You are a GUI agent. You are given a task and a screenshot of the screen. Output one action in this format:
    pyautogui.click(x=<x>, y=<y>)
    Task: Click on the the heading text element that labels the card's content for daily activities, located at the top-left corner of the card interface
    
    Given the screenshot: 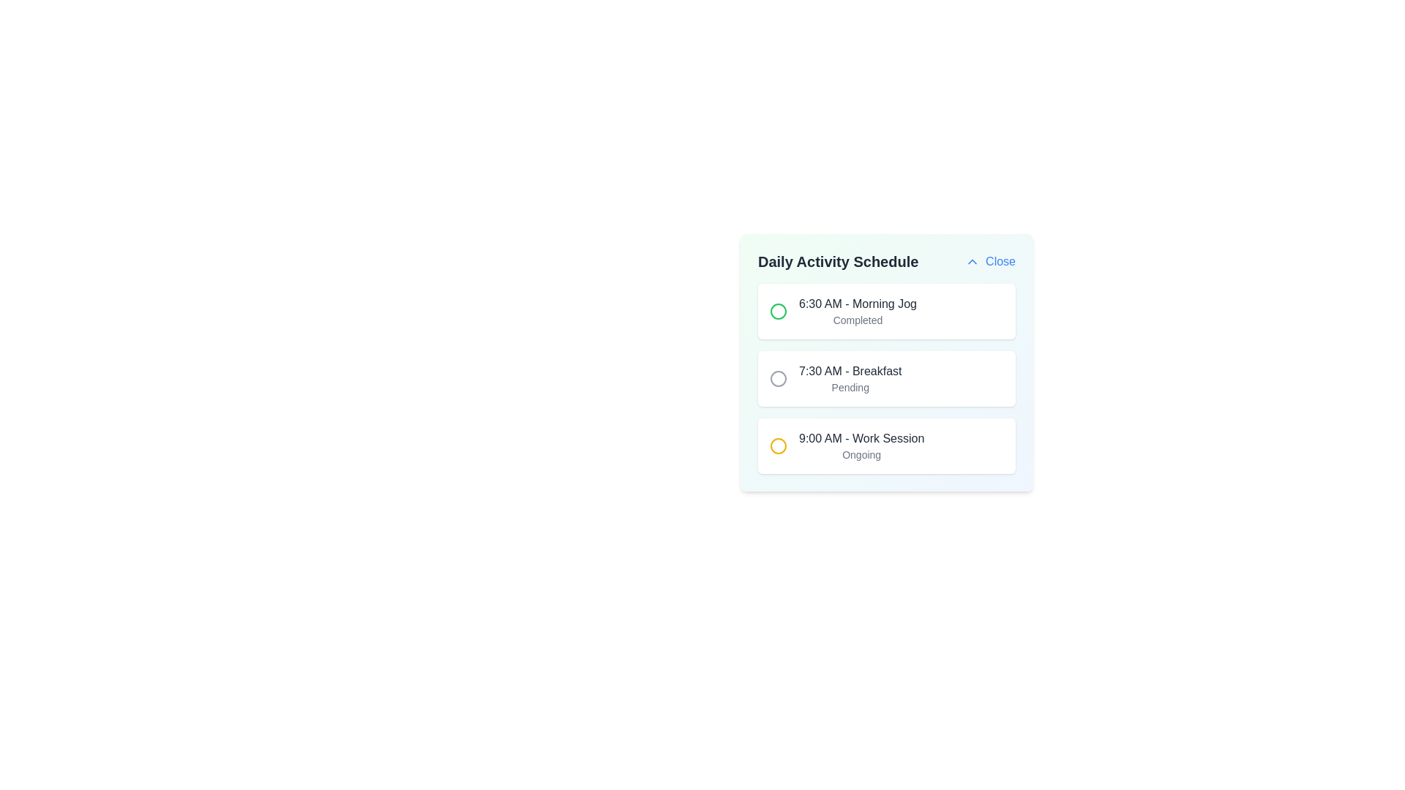 What is the action you would take?
    pyautogui.click(x=885, y=261)
    